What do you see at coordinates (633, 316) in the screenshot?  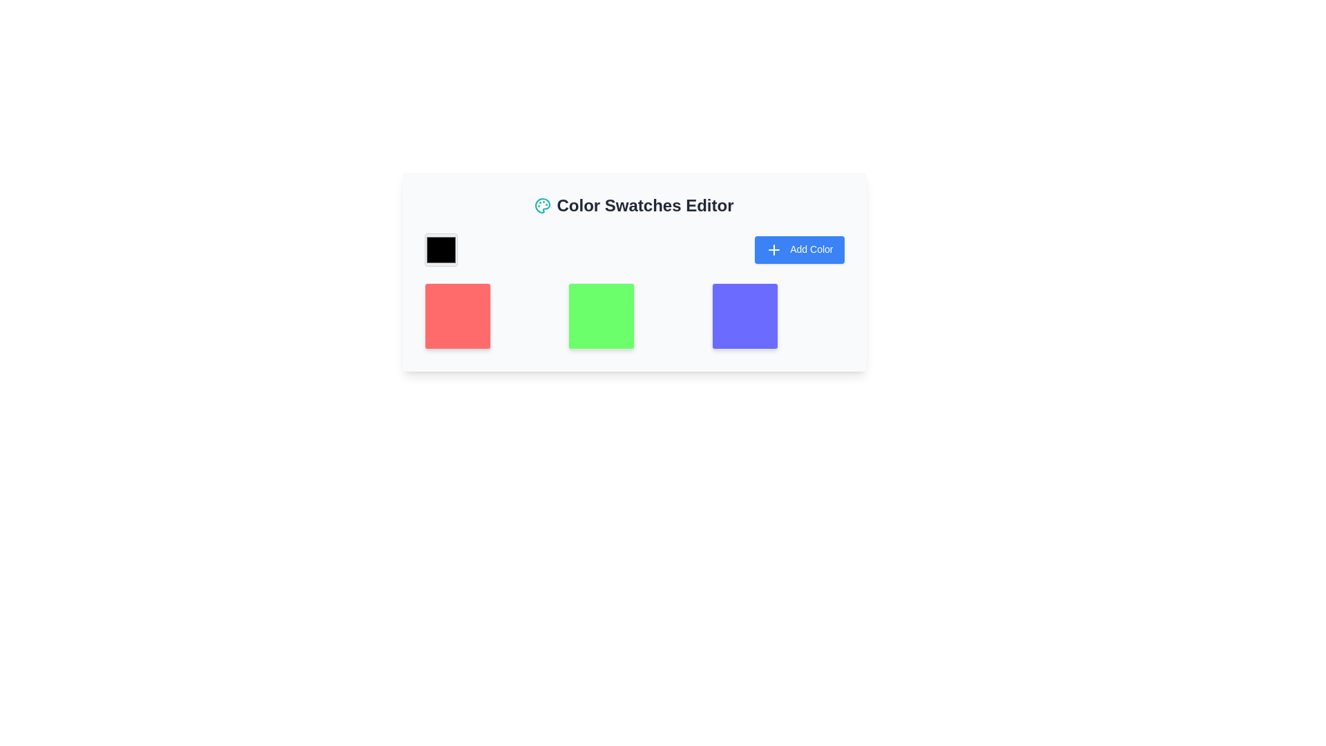 I see `the green color swatch display, which is the second square from the left` at bounding box center [633, 316].